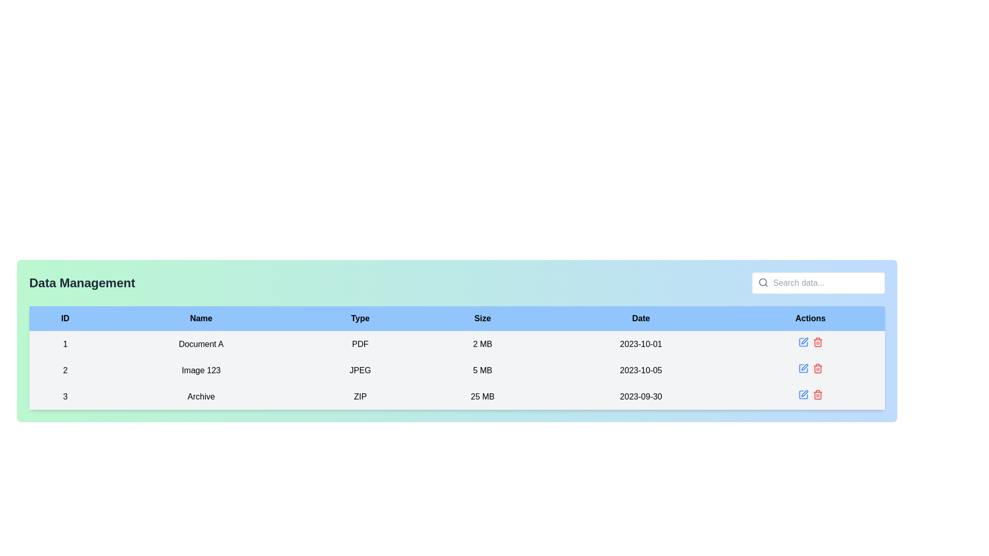 This screenshot has width=989, height=556. Describe the element at coordinates (360, 318) in the screenshot. I see `the static text element that is the column header labeled 'Type' in the table, positioned as the third header among six, with 'ID' and 'Name' preceding it and 'Size', 'Date', and 'Actions' succeeding it` at that location.